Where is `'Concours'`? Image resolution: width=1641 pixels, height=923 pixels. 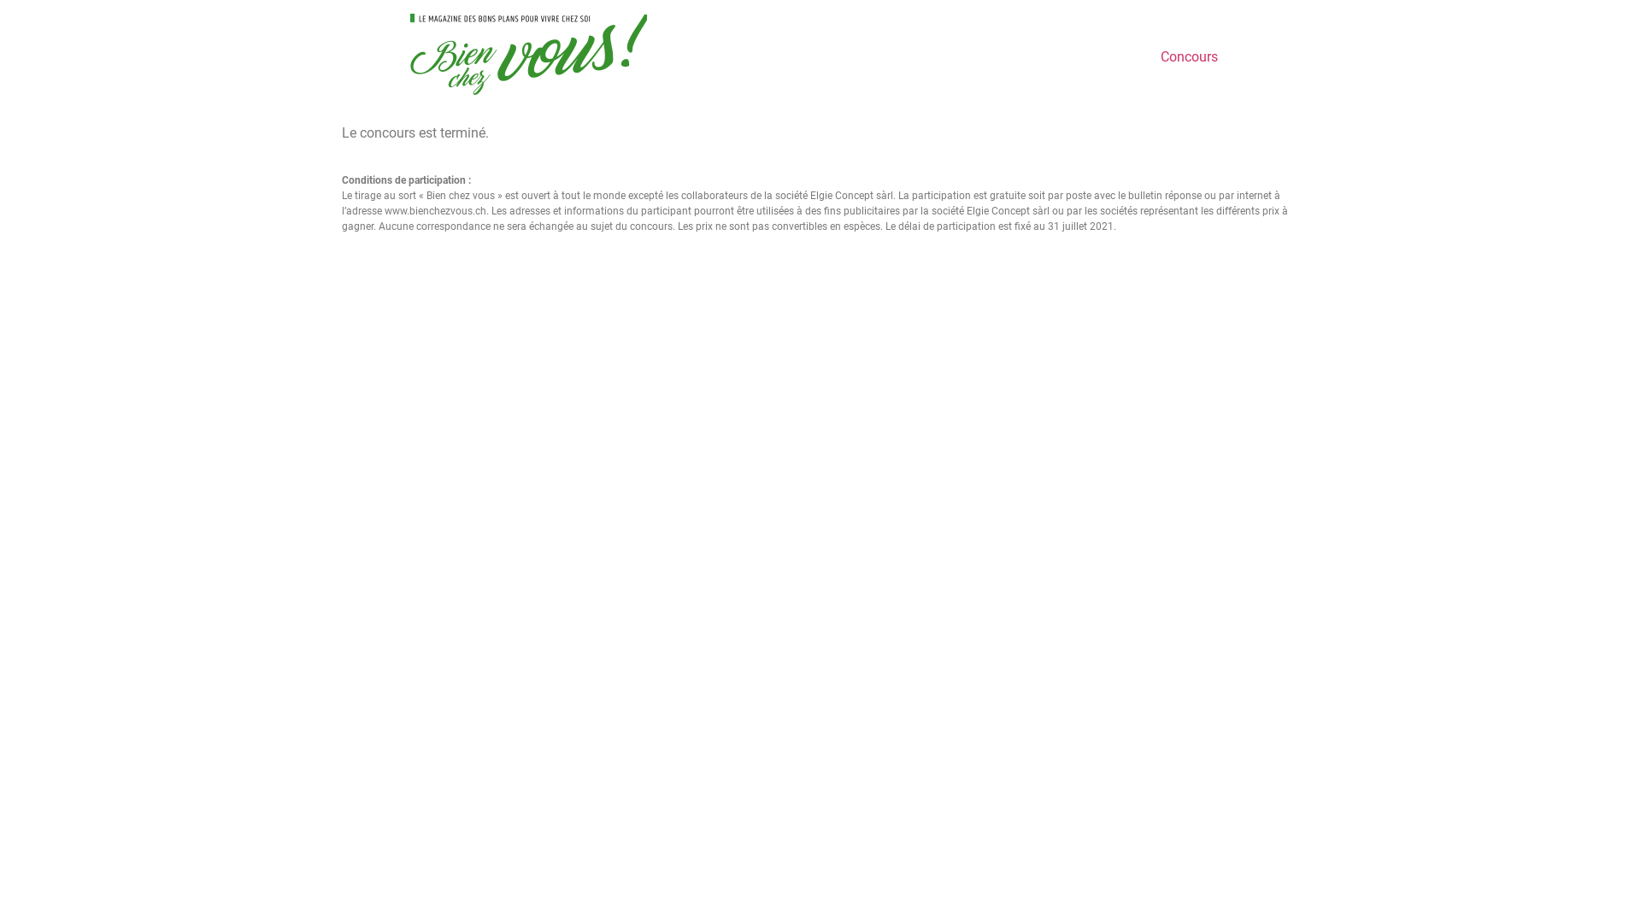 'Concours' is located at coordinates (1188, 56).